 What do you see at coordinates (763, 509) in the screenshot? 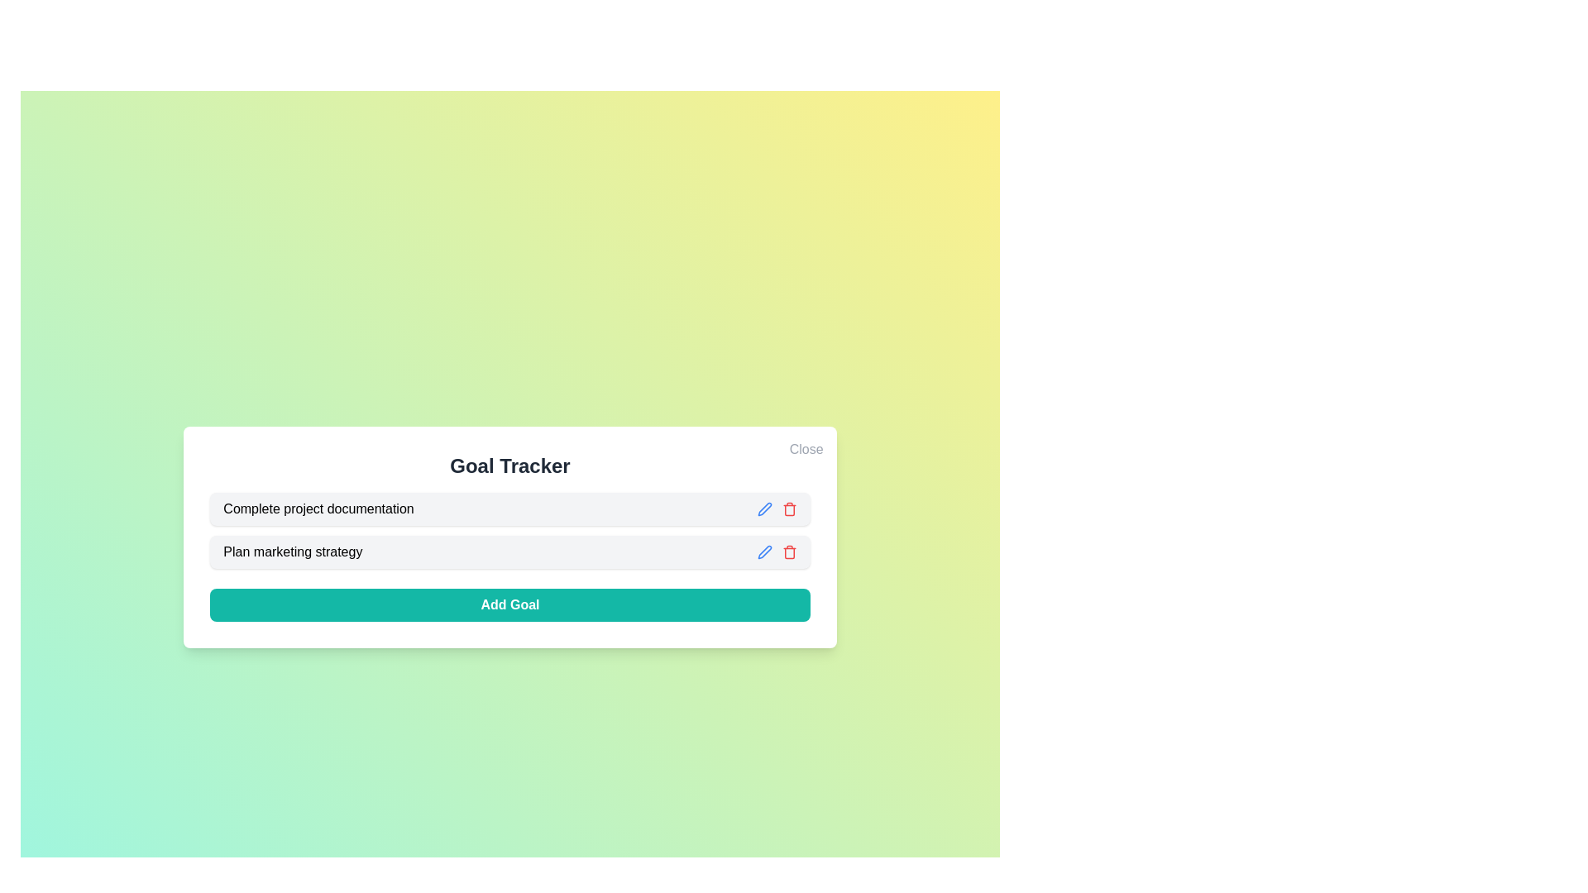
I see `the edit icon for the goal 'Complete project documentation'` at bounding box center [763, 509].